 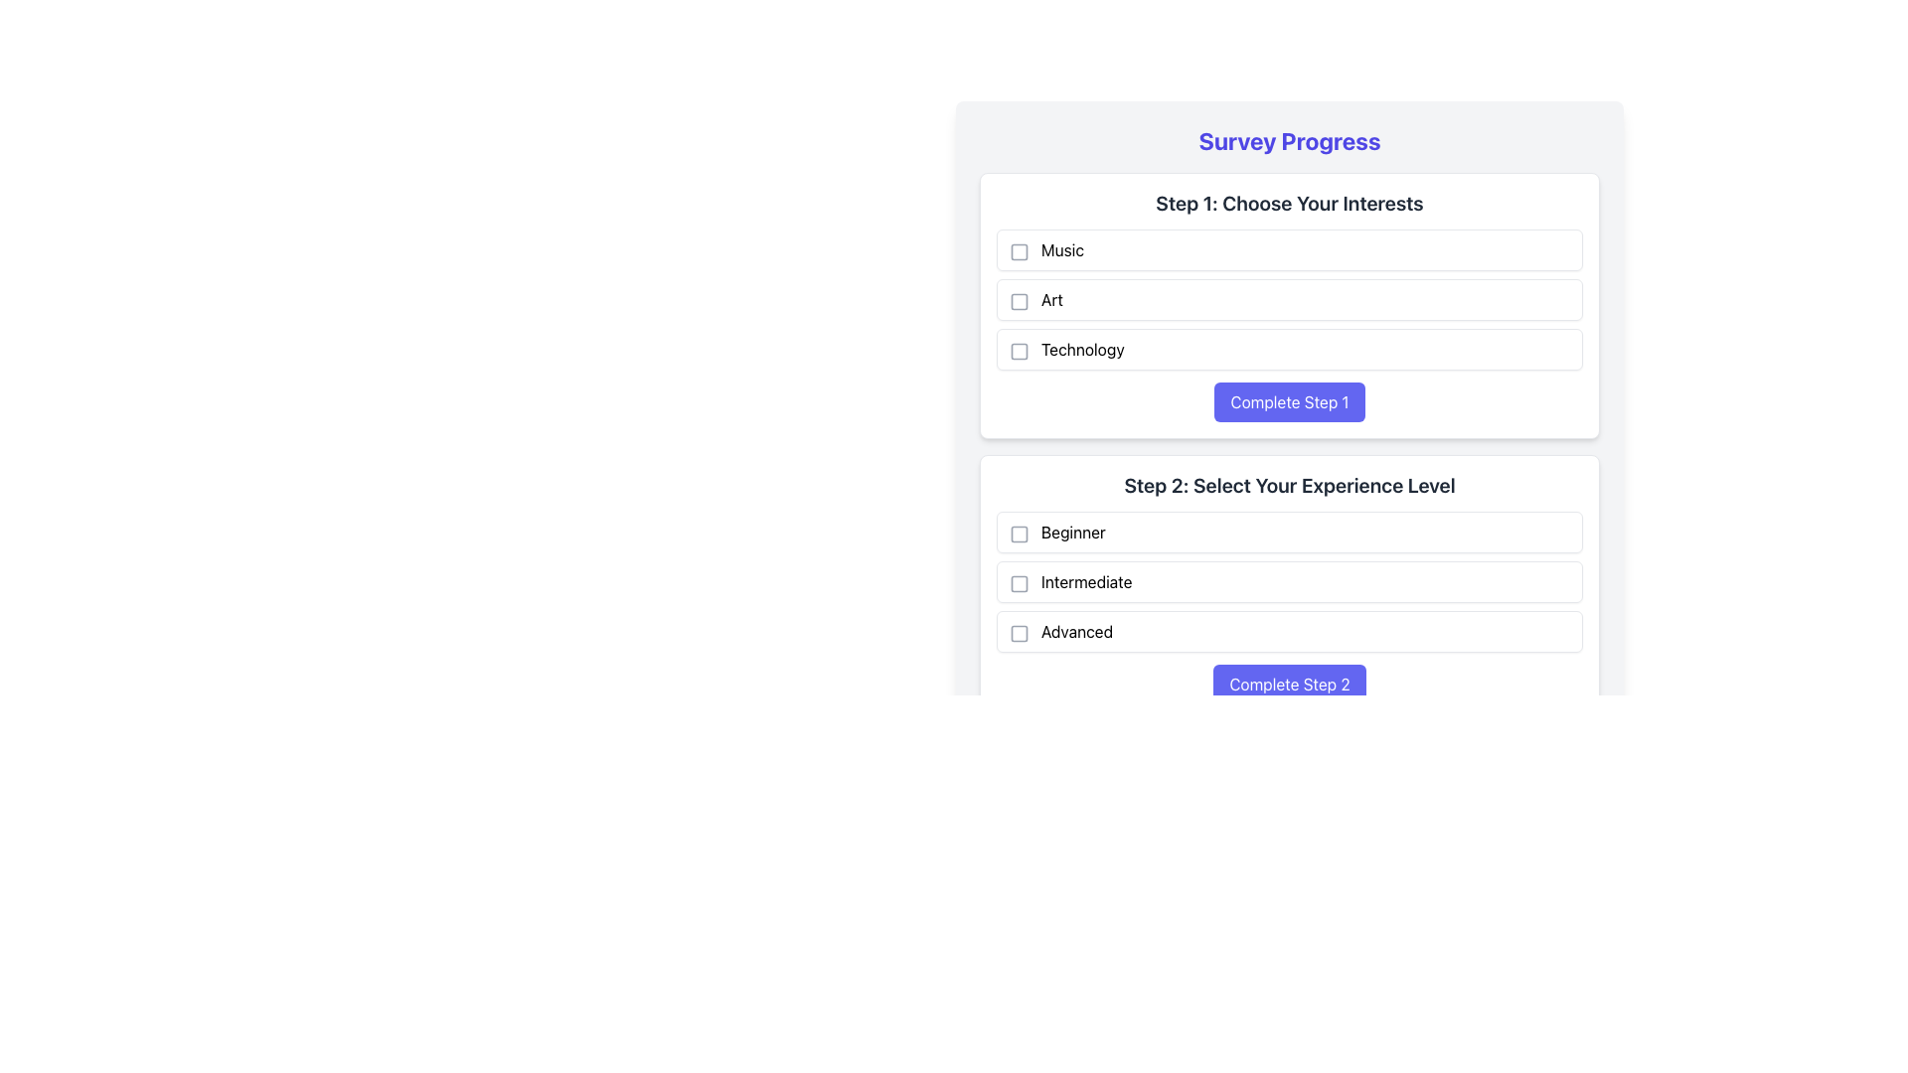 I want to click on the checkbox indicator for the 'Technology' option in the 'Step 1: Choose Your Interests' section, so click(x=1020, y=350).